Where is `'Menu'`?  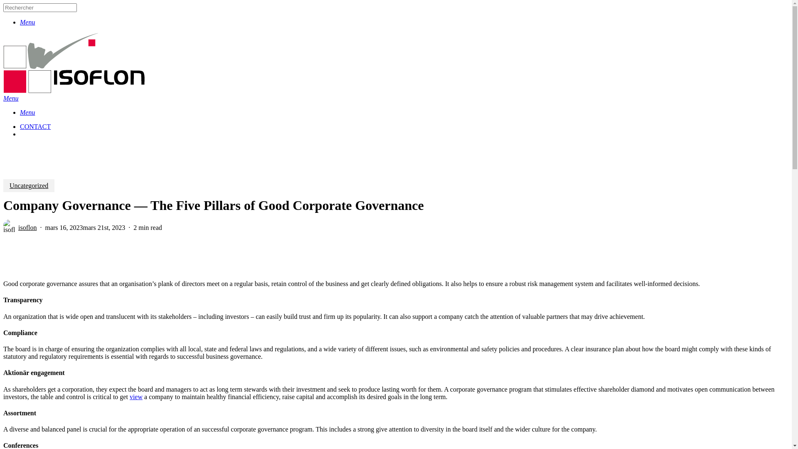
'Menu' is located at coordinates (20, 112).